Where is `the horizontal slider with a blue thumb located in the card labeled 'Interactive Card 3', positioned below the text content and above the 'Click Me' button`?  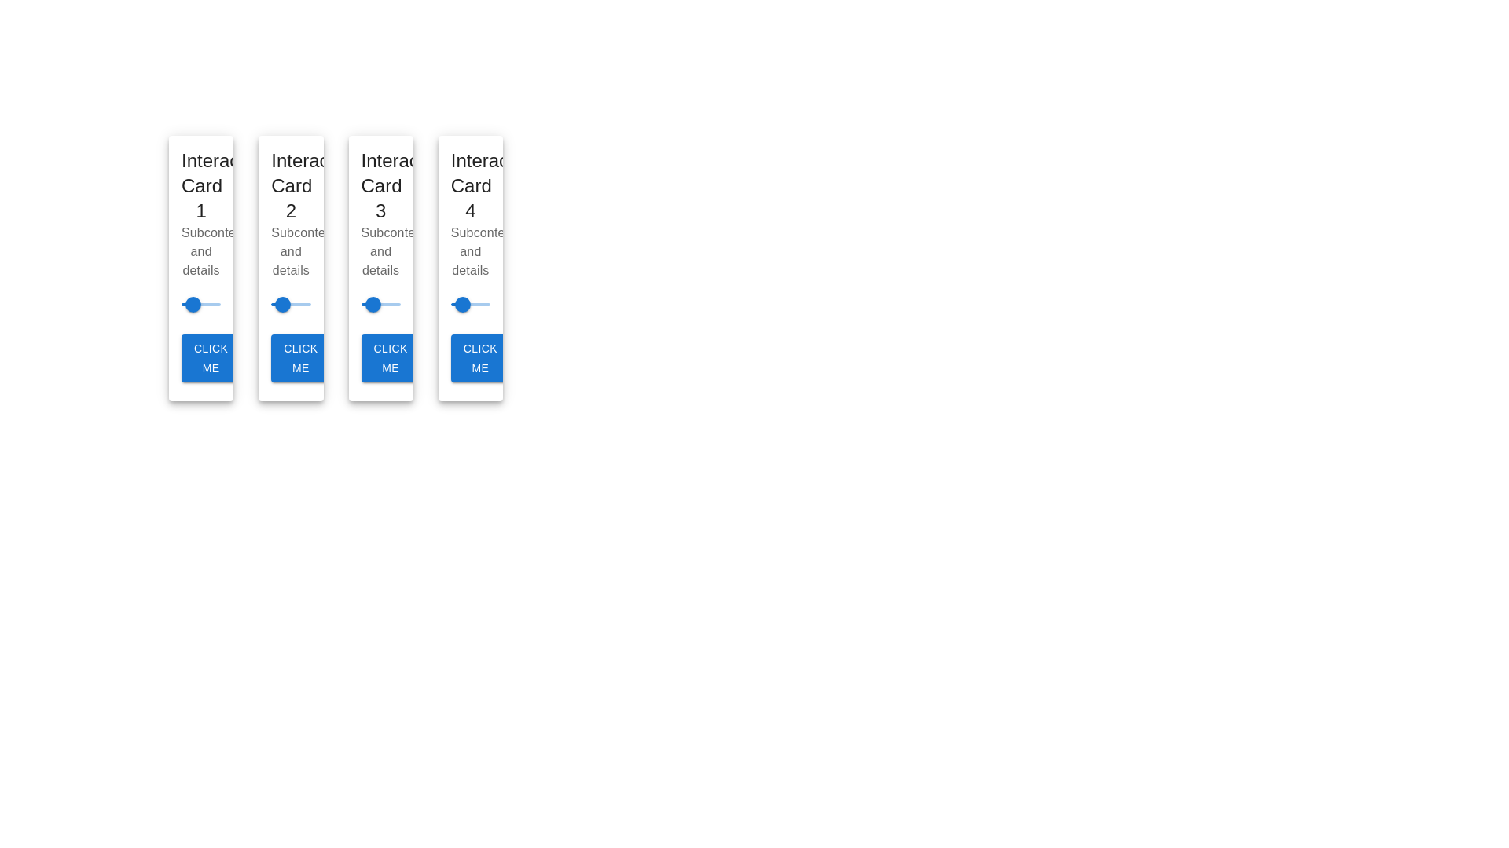 the horizontal slider with a blue thumb located in the card labeled 'Interactive Card 3', positioned below the text content and above the 'Click Me' button is located at coordinates (380, 268).